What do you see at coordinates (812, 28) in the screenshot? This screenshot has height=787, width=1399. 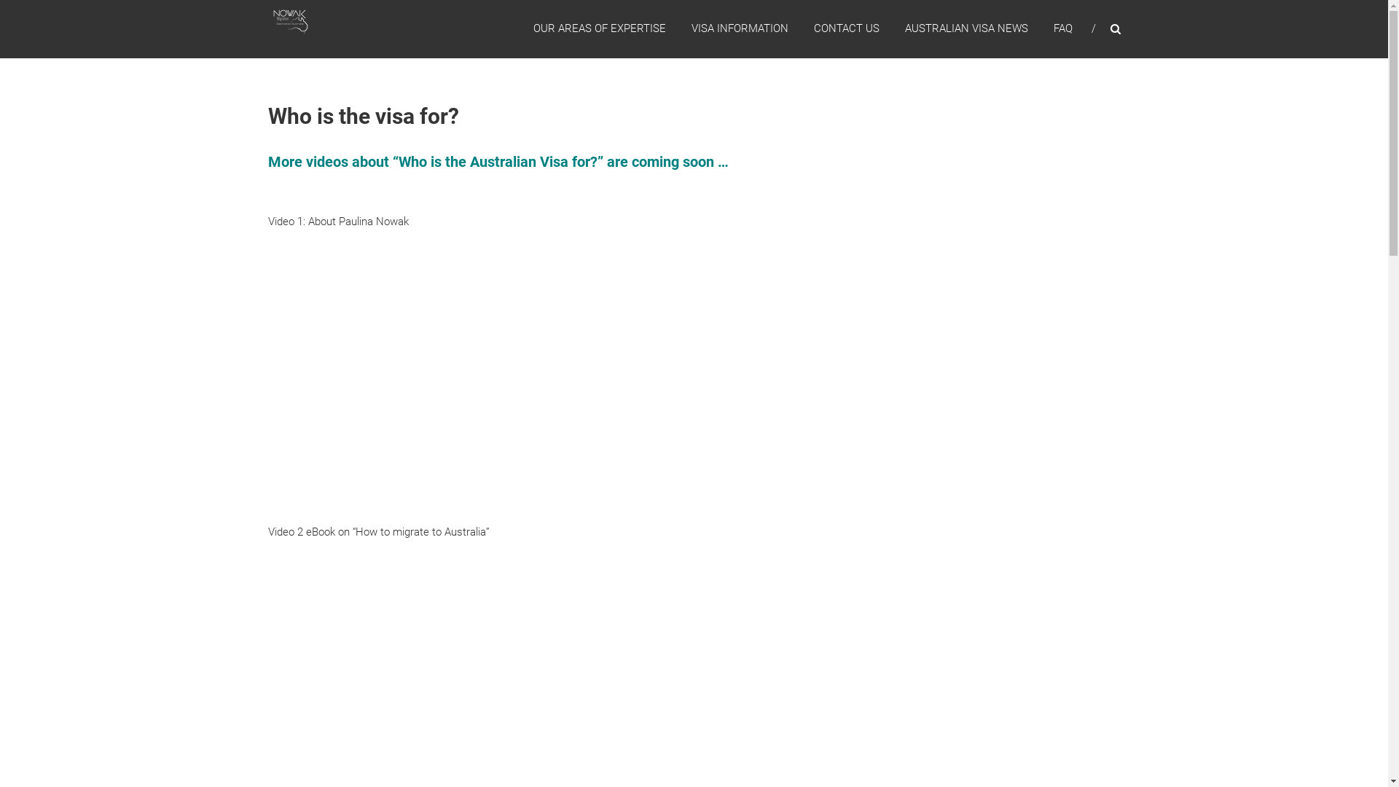 I see `'CONTACT US'` at bounding box center [812, 28].